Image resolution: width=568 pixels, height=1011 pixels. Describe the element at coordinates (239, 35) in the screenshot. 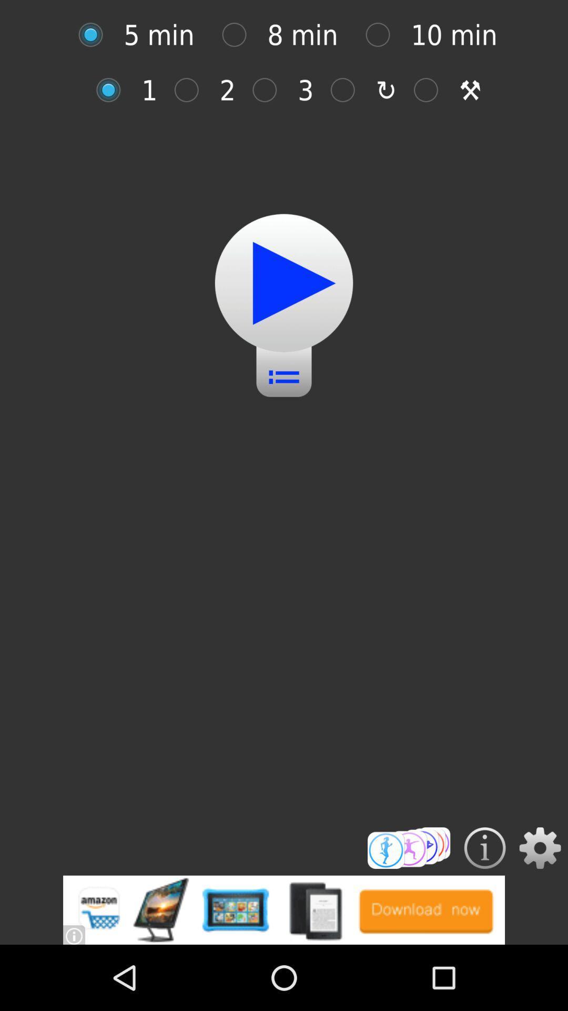

I see `the time` at that location.